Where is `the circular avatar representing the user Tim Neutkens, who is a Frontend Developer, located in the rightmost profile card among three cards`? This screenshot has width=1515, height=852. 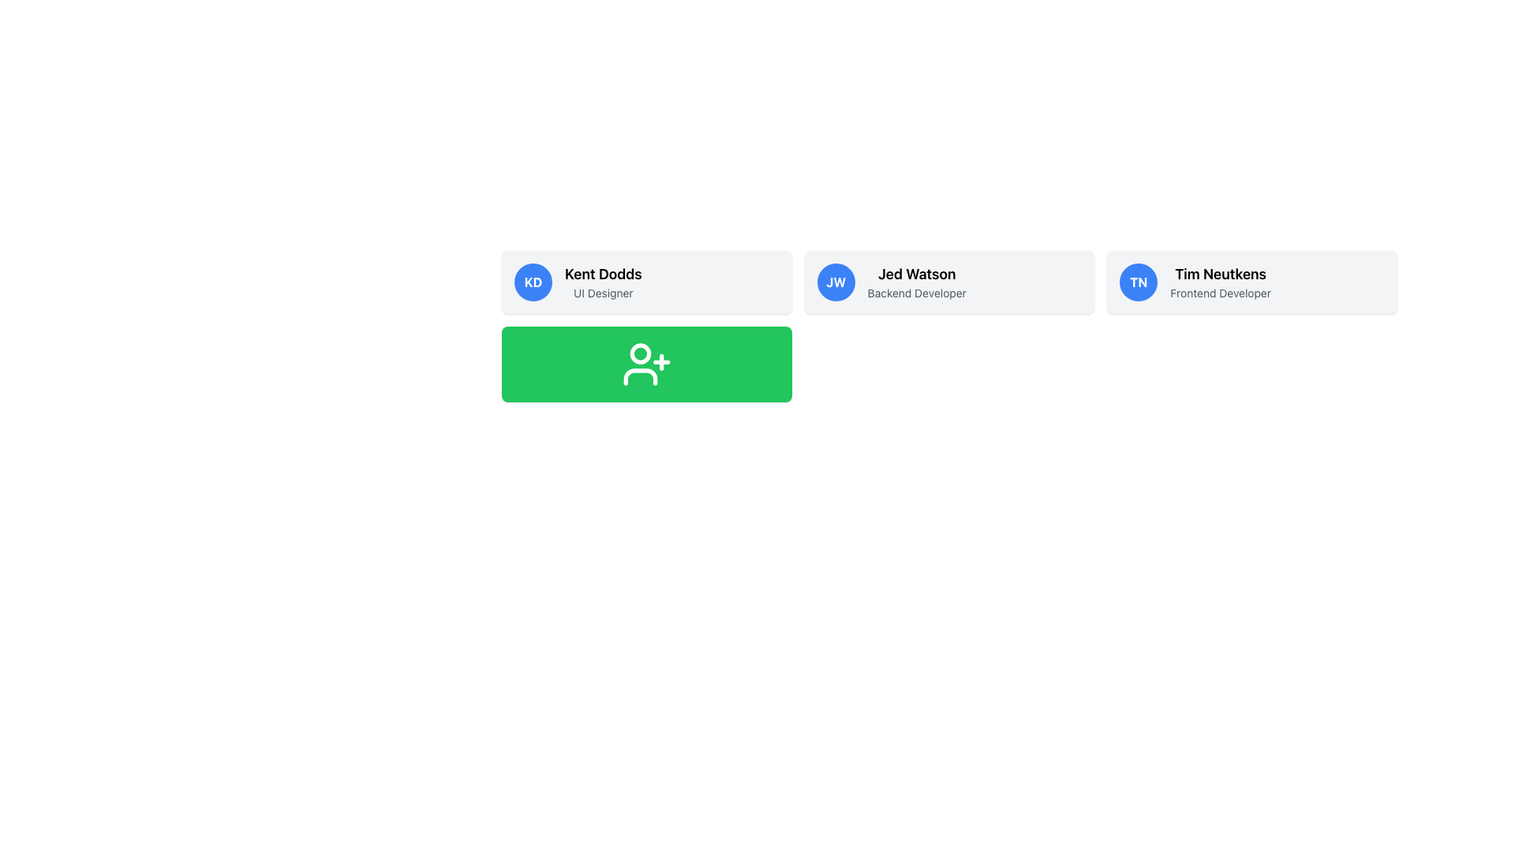
the circular avatar representing the user Tim Neutkens, who is a Frontend Developer, located in the rightmost profile card among three cards is located at coordinates (1139, 282).